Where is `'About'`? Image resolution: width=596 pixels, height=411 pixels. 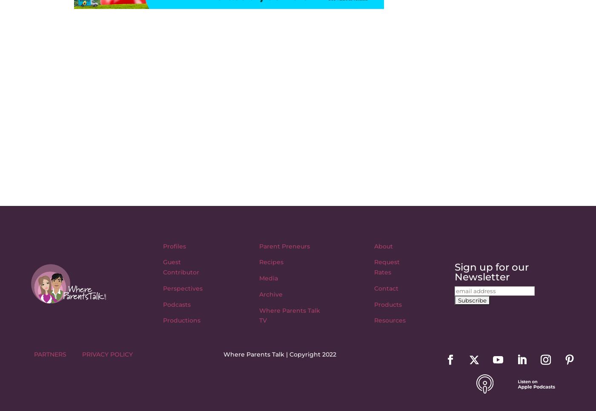 'About' is located at coordinates (383, 245).